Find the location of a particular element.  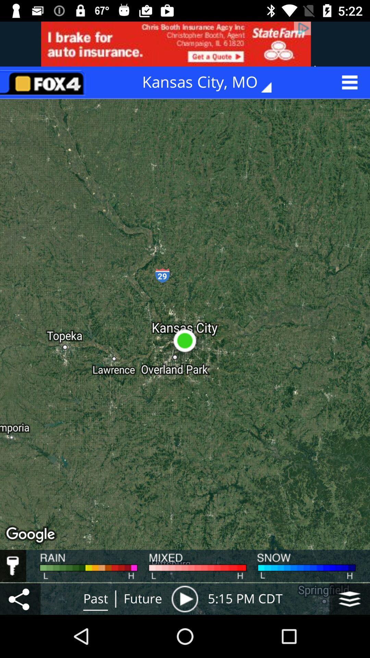

the share icon is located at coordinates (20, 598).